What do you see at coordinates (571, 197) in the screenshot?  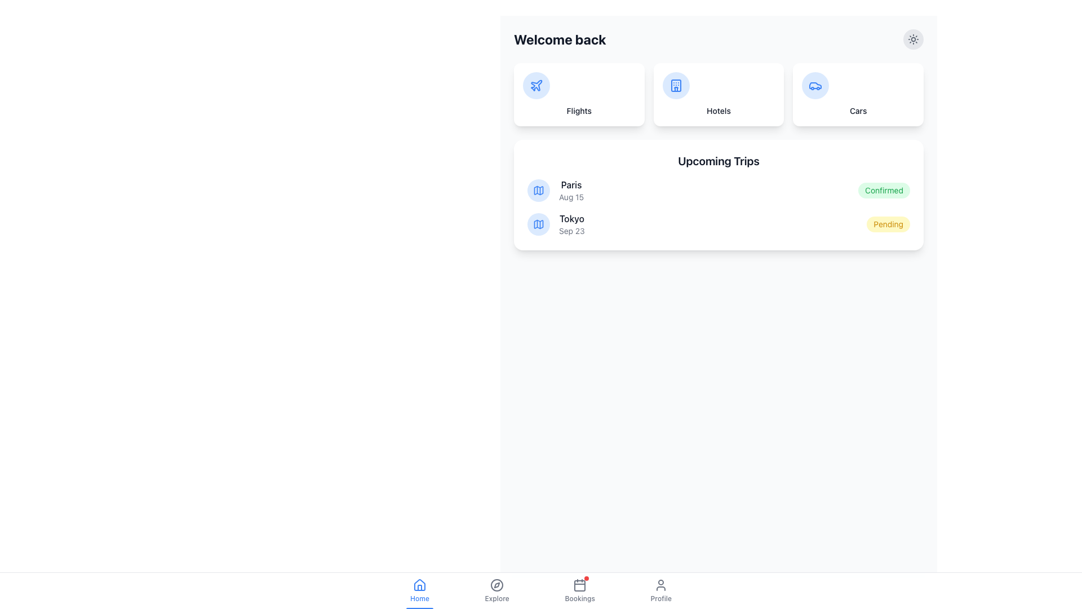 I see `the static text label displaying 'Aug 15', which is styled in gray and located below the text 'Paris' within the list item of the 'Upcoming Trips' card` at bounding box center [571, 197].